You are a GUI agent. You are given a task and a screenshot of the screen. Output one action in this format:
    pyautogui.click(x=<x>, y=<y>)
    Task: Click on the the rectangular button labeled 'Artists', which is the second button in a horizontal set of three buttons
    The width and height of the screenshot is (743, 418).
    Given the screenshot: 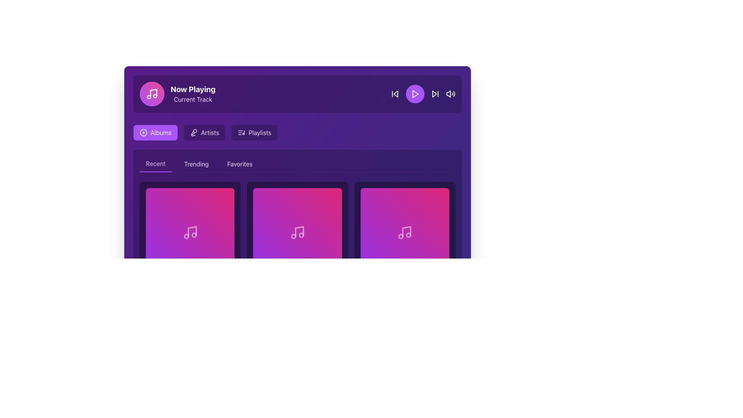 What is the action you would take?
    pyautogui.click(x=204, y=132)
    